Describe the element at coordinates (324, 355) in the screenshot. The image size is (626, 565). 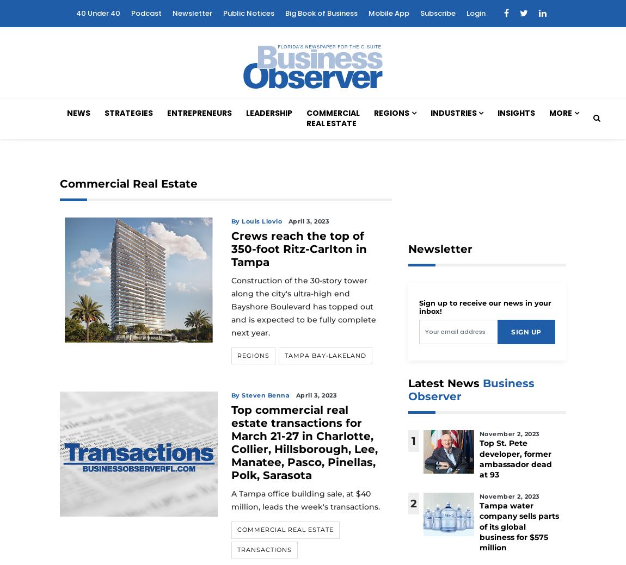
I see `'Tampa Bay-Lakeland'` at that location.